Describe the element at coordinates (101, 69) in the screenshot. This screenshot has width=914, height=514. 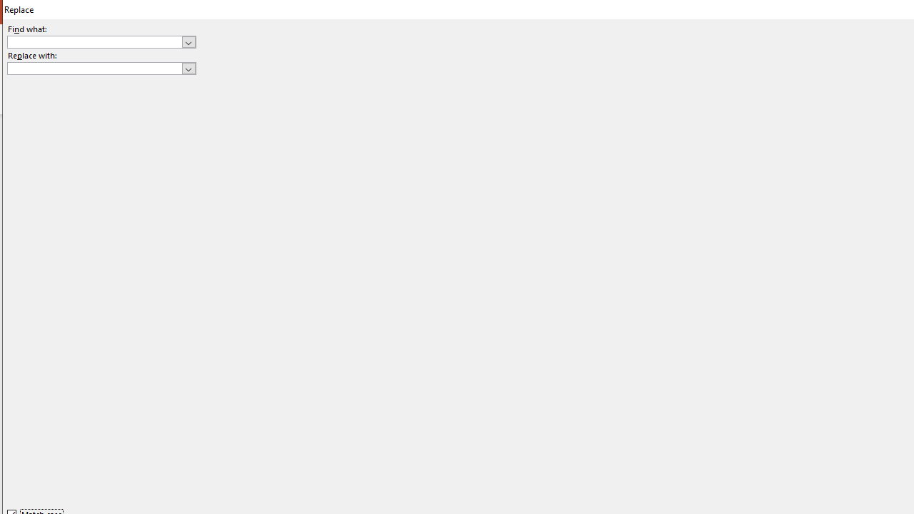
I see `'Replace with'` at that location.